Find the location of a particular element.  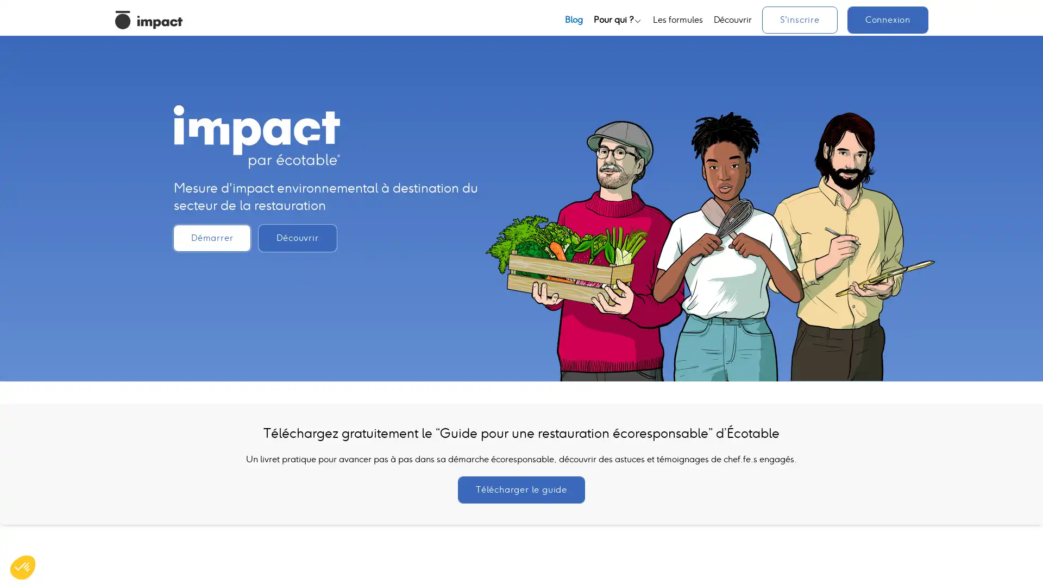

Je choisis is located at coordinates (125, 531).